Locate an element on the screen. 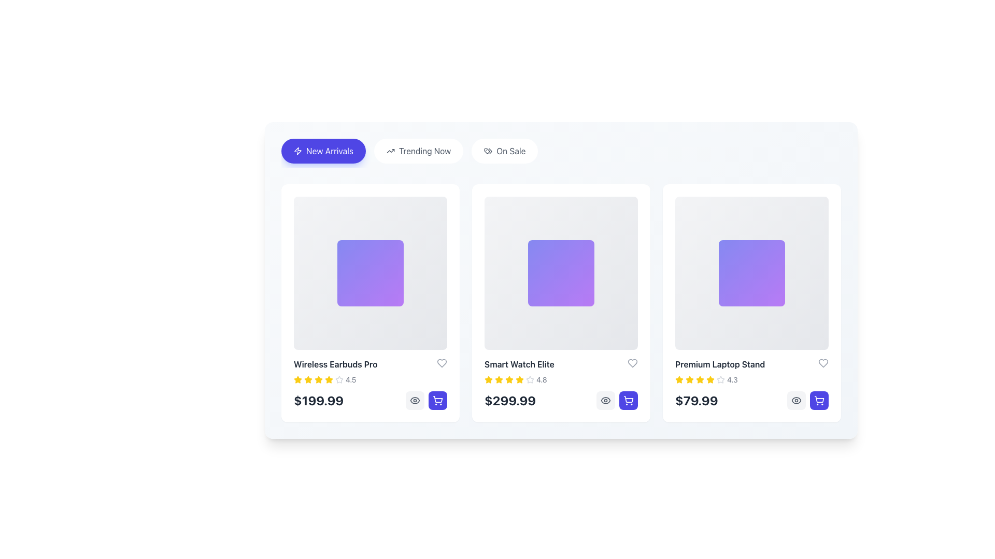  the price display for the product 'Smart Watch Elite', which is the second price display in a horizontal set of three product cards is located at coordinates (510, 400).